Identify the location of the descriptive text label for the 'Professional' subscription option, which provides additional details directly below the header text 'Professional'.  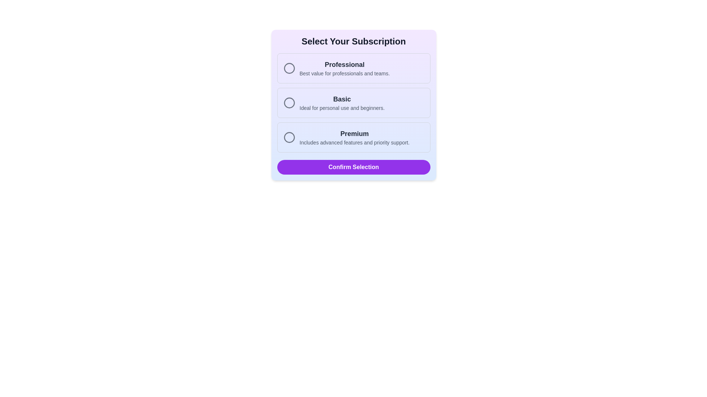
(344, 74).